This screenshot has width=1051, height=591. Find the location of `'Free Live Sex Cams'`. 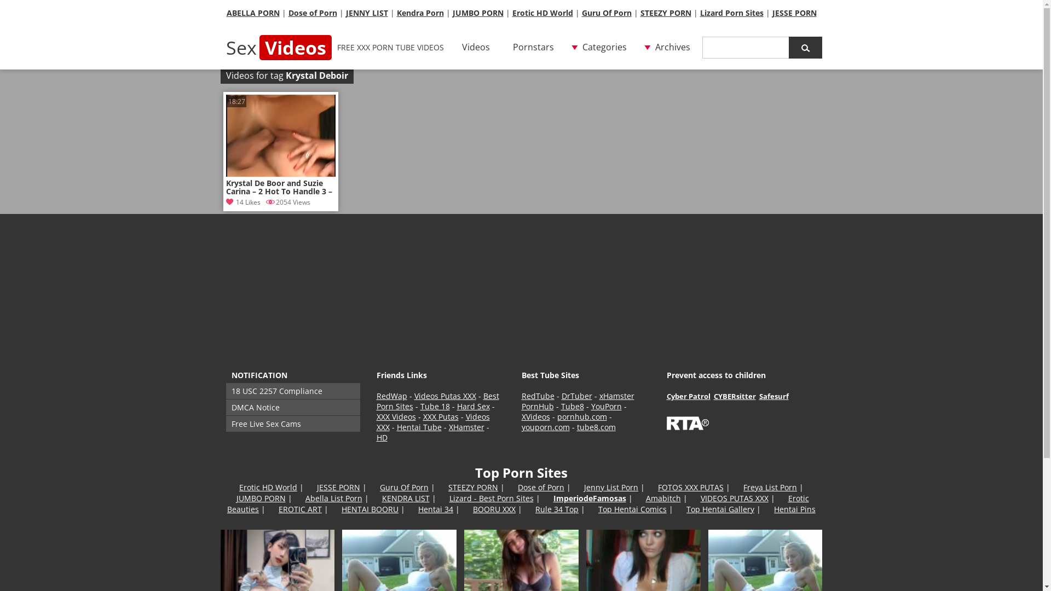

'Free Live Sex Cams' is located at coordinates (292, 423).